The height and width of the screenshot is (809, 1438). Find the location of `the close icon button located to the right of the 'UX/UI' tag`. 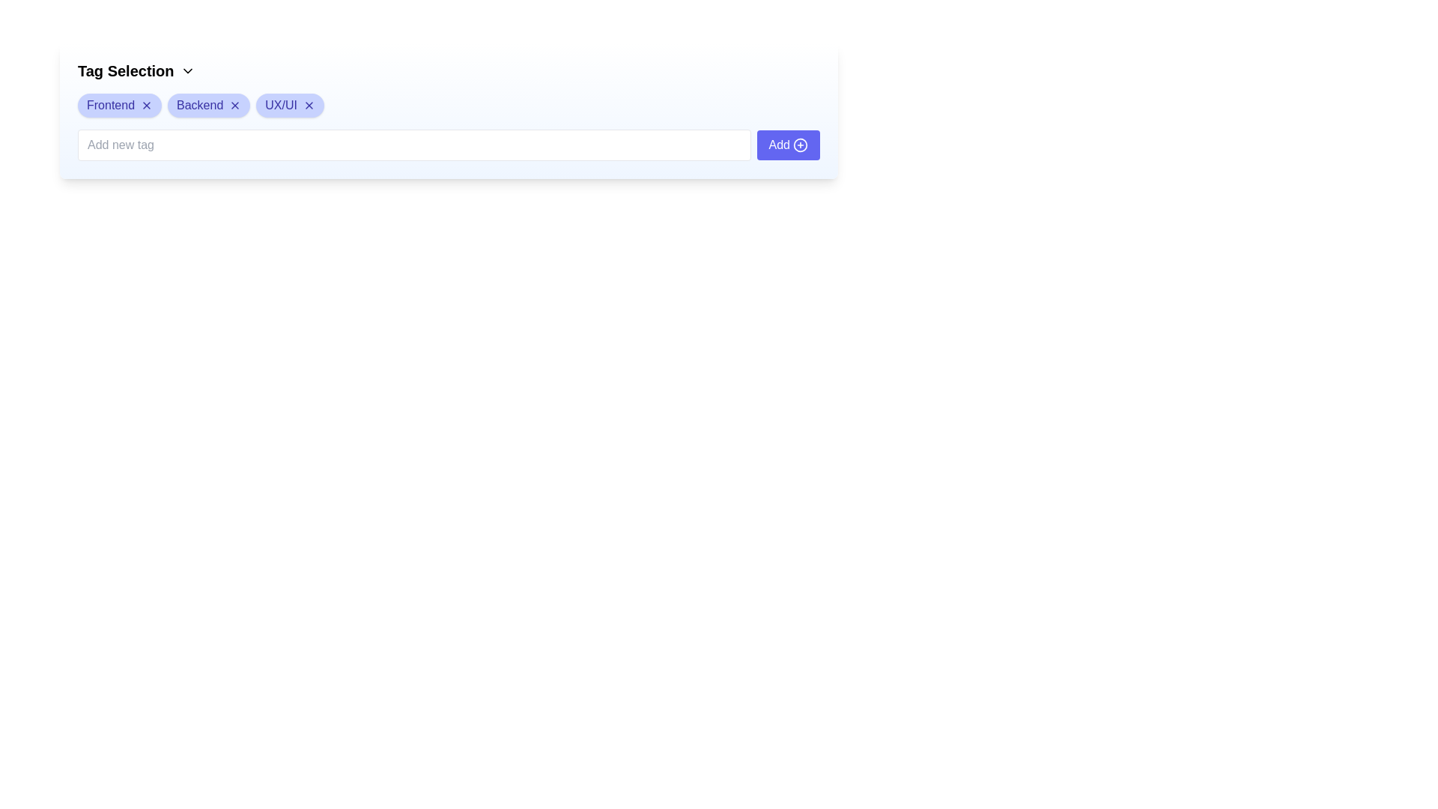

the close icon button located to the right of the 'UX/UI' tag is located at coordinates (308, 105).